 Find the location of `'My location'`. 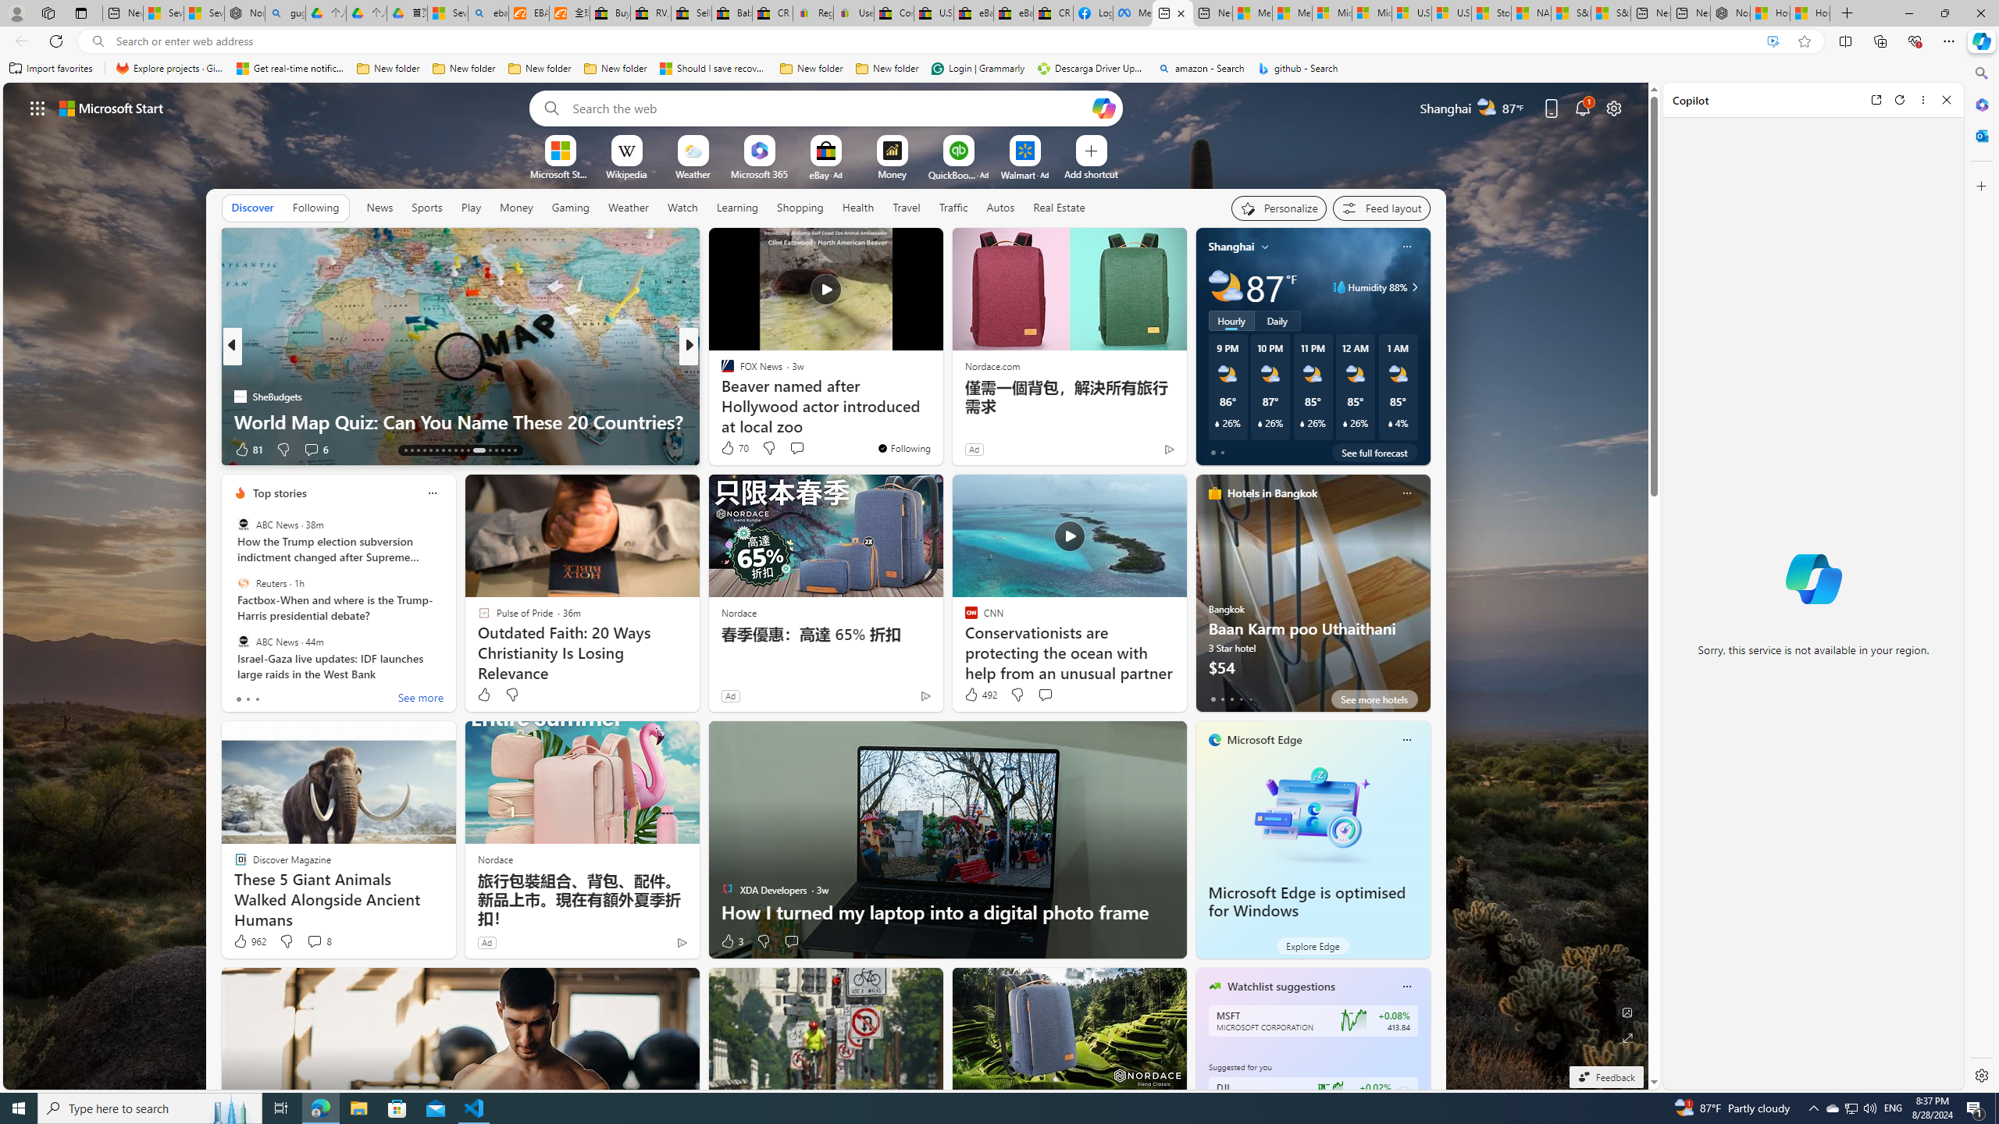

'My location' is located at coordinates (1264, 246).